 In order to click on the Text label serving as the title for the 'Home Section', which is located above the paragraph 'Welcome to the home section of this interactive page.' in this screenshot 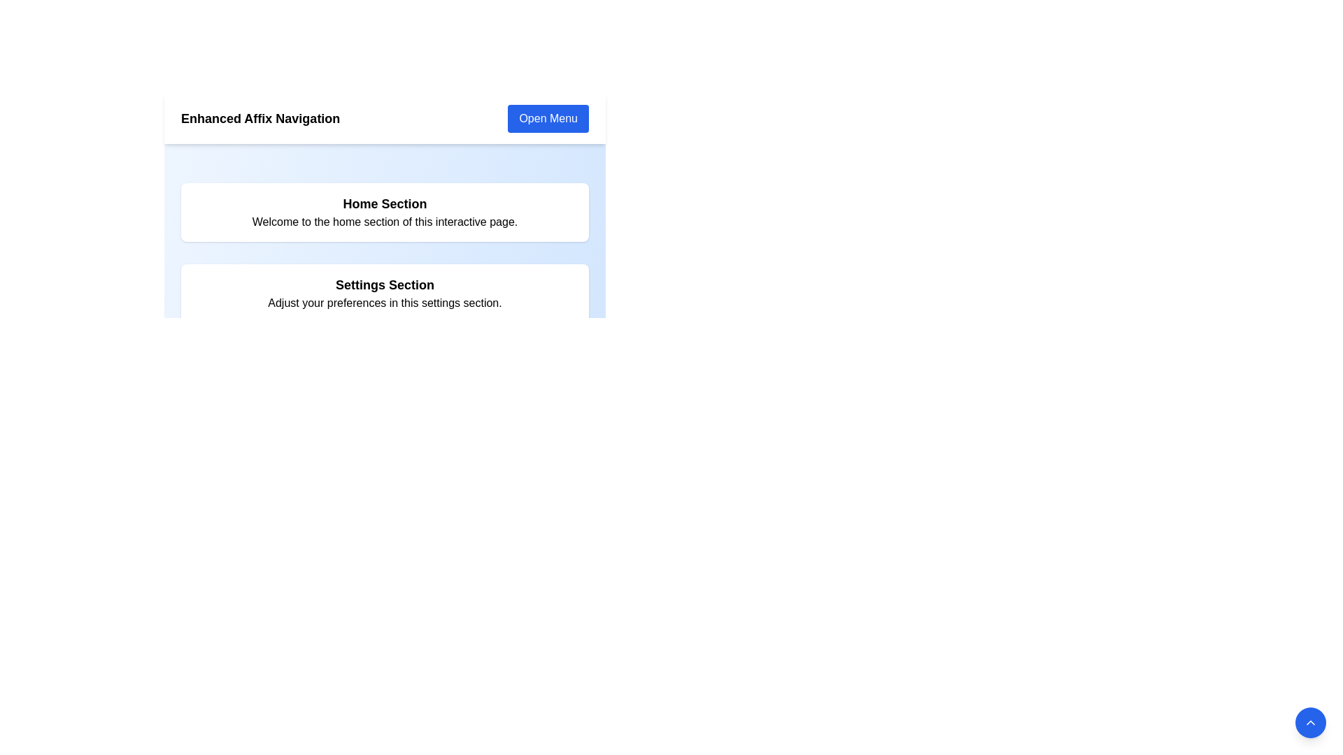, I will do `click(385, 197)`.